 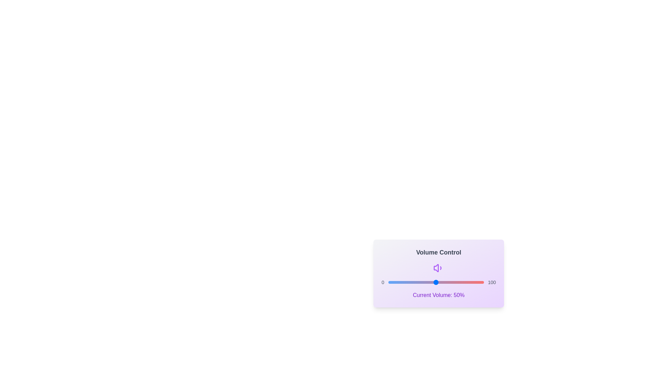 I want to click on the volume slider to set the volume to 33%, so click(x=419, y=282).